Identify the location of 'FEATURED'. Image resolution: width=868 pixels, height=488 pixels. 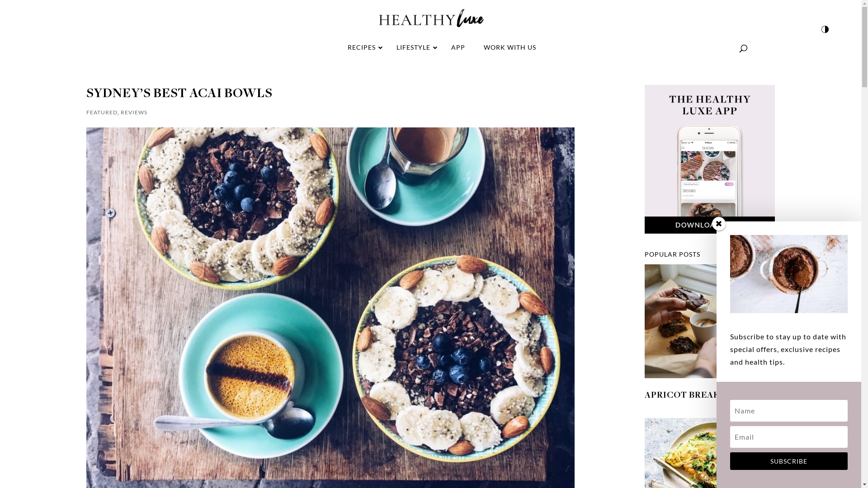
(101, 112).